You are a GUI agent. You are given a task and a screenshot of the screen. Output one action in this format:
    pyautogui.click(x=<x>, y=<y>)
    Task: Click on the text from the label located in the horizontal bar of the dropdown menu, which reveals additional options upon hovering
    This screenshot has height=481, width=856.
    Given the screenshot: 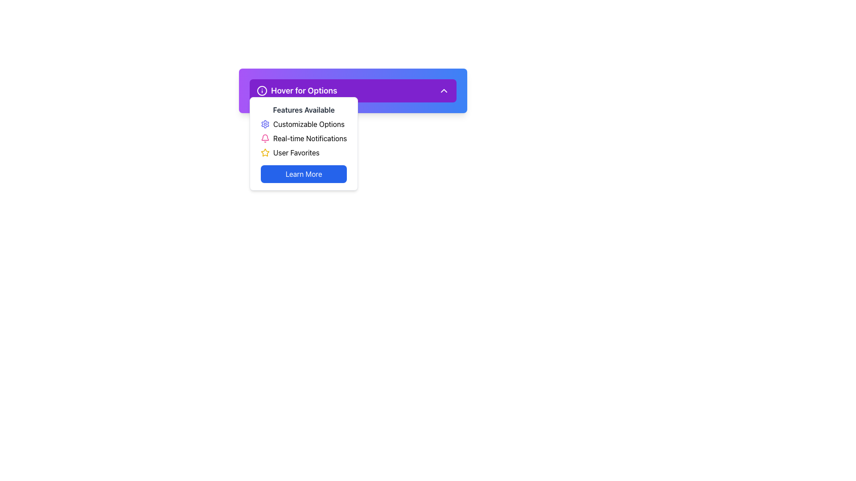 What is the action you would take?
    pyautogui.click(x=304, y=91)
    